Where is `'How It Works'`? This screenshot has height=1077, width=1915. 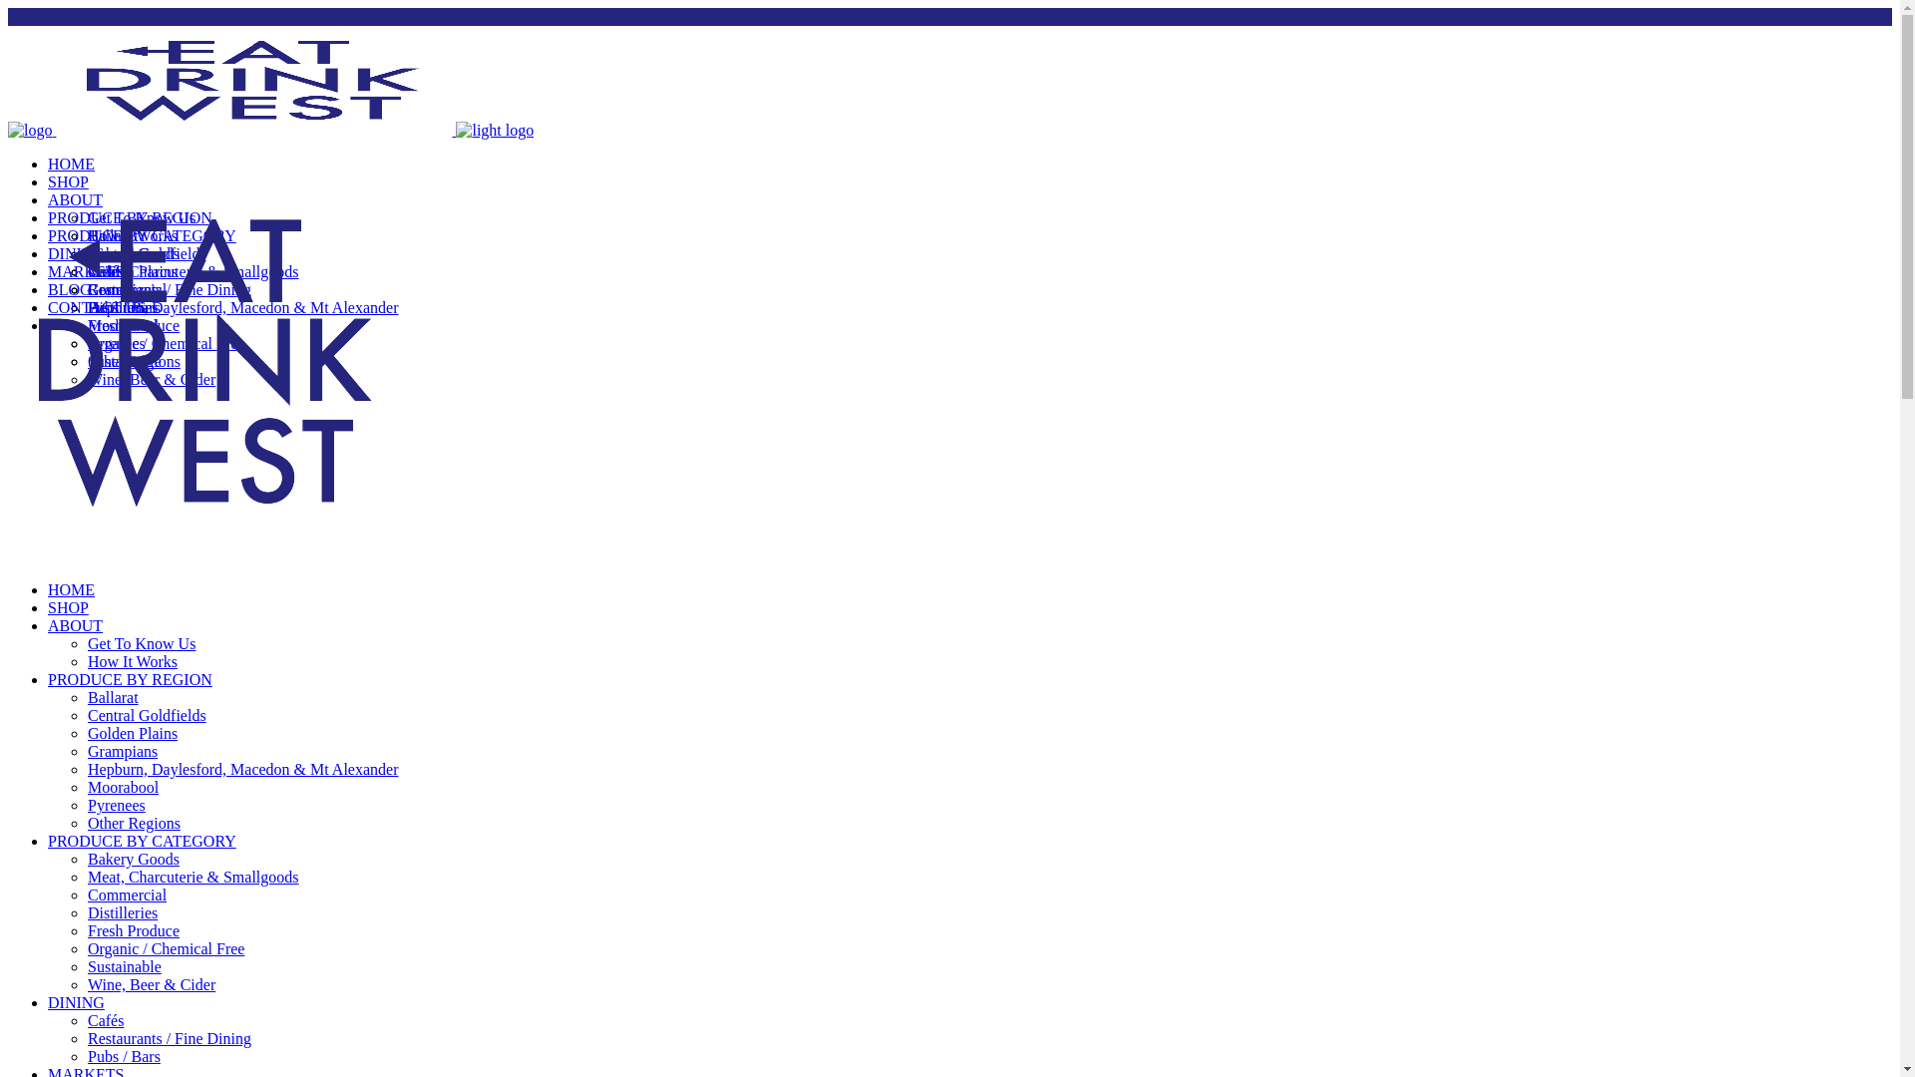
'How It Works' is located at coordinates (132, 661).